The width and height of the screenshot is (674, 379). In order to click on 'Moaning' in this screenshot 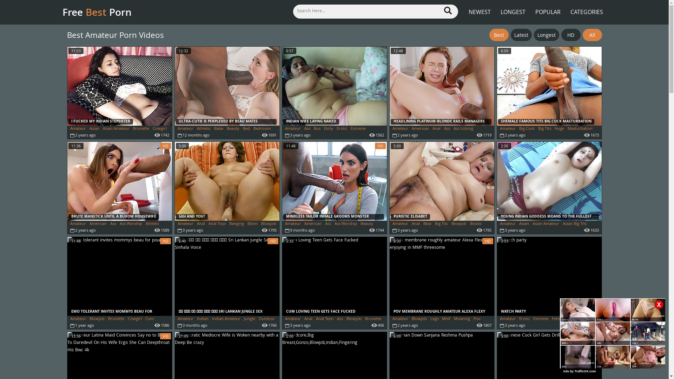, I will do `click(462, 319)`.